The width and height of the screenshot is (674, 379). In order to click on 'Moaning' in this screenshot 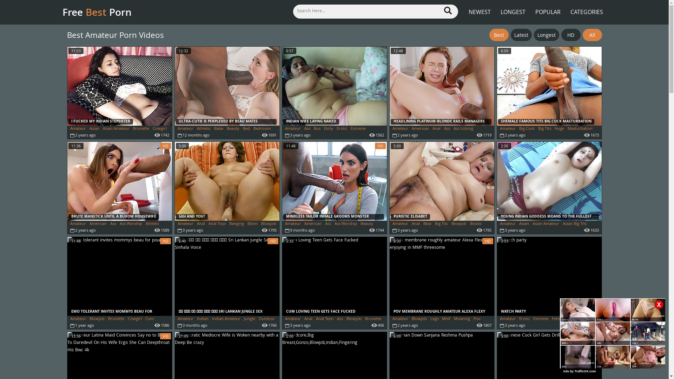, I will do `click(462, 319)`.